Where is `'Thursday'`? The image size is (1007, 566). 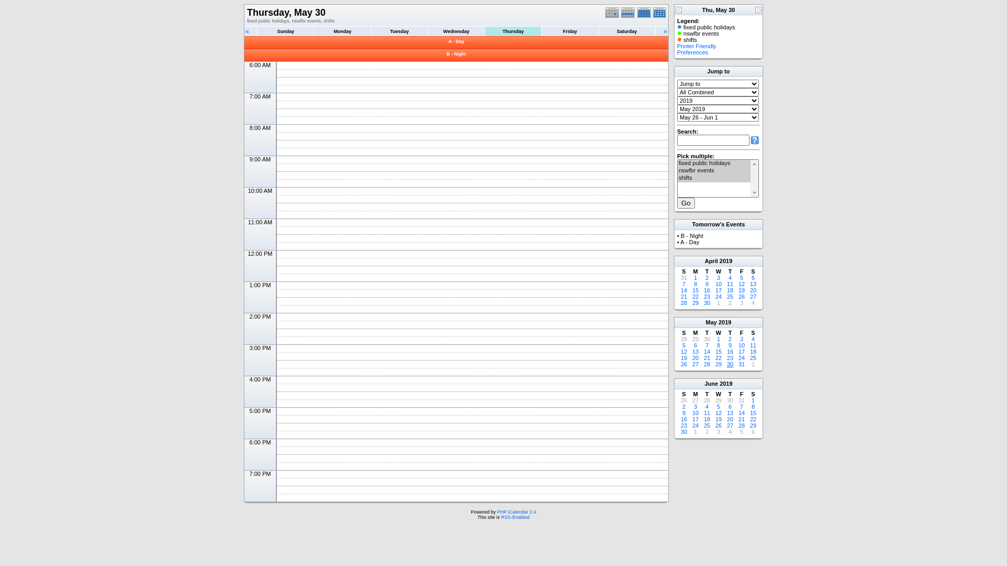 'Thursday' is located at coordinates (513, 30).